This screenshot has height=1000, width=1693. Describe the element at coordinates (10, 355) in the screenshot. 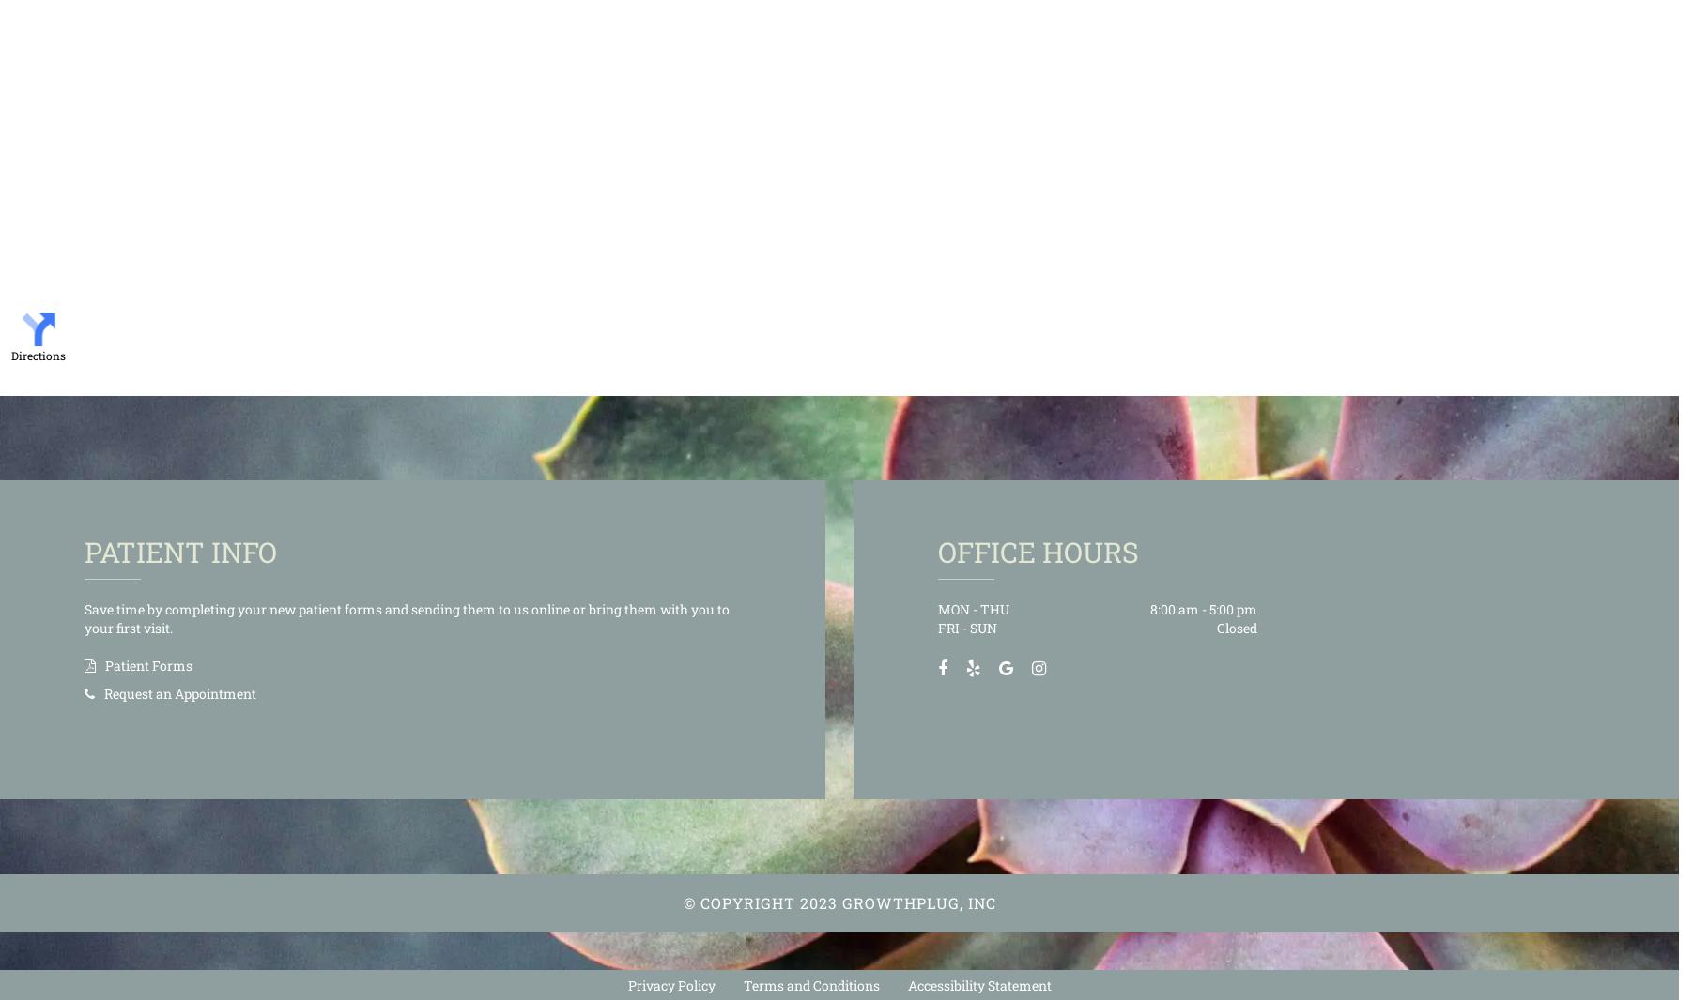

I see `'Directions'` at that location.